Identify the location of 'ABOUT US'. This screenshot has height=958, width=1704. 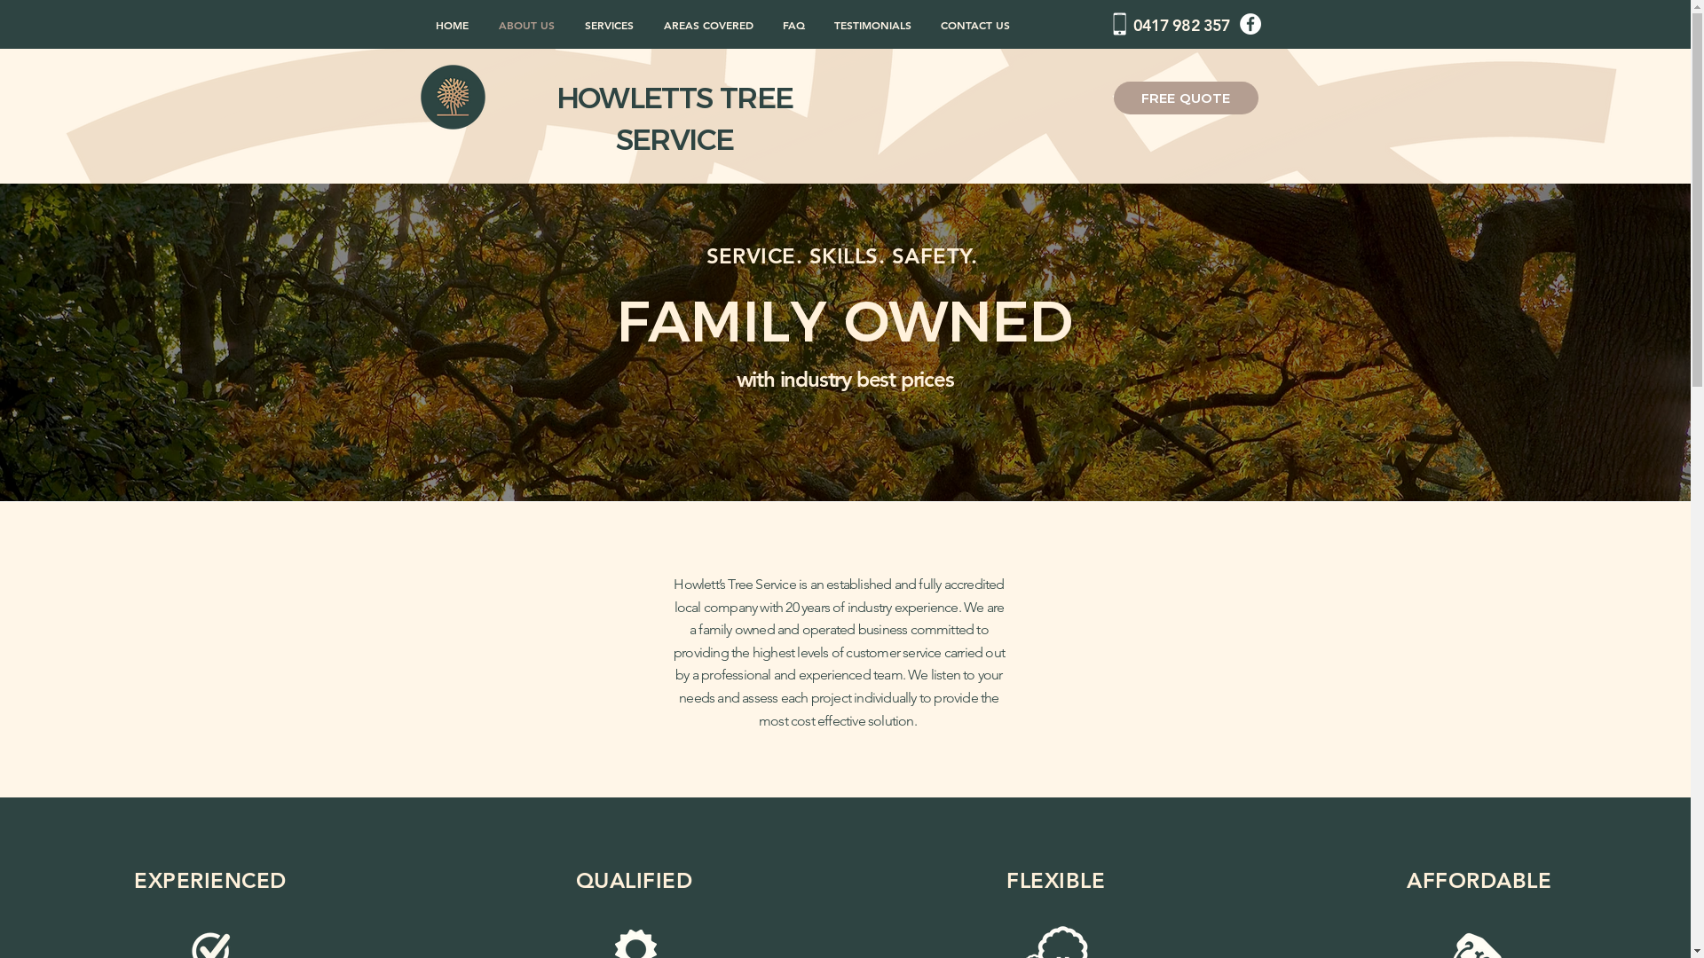
(525, 25).